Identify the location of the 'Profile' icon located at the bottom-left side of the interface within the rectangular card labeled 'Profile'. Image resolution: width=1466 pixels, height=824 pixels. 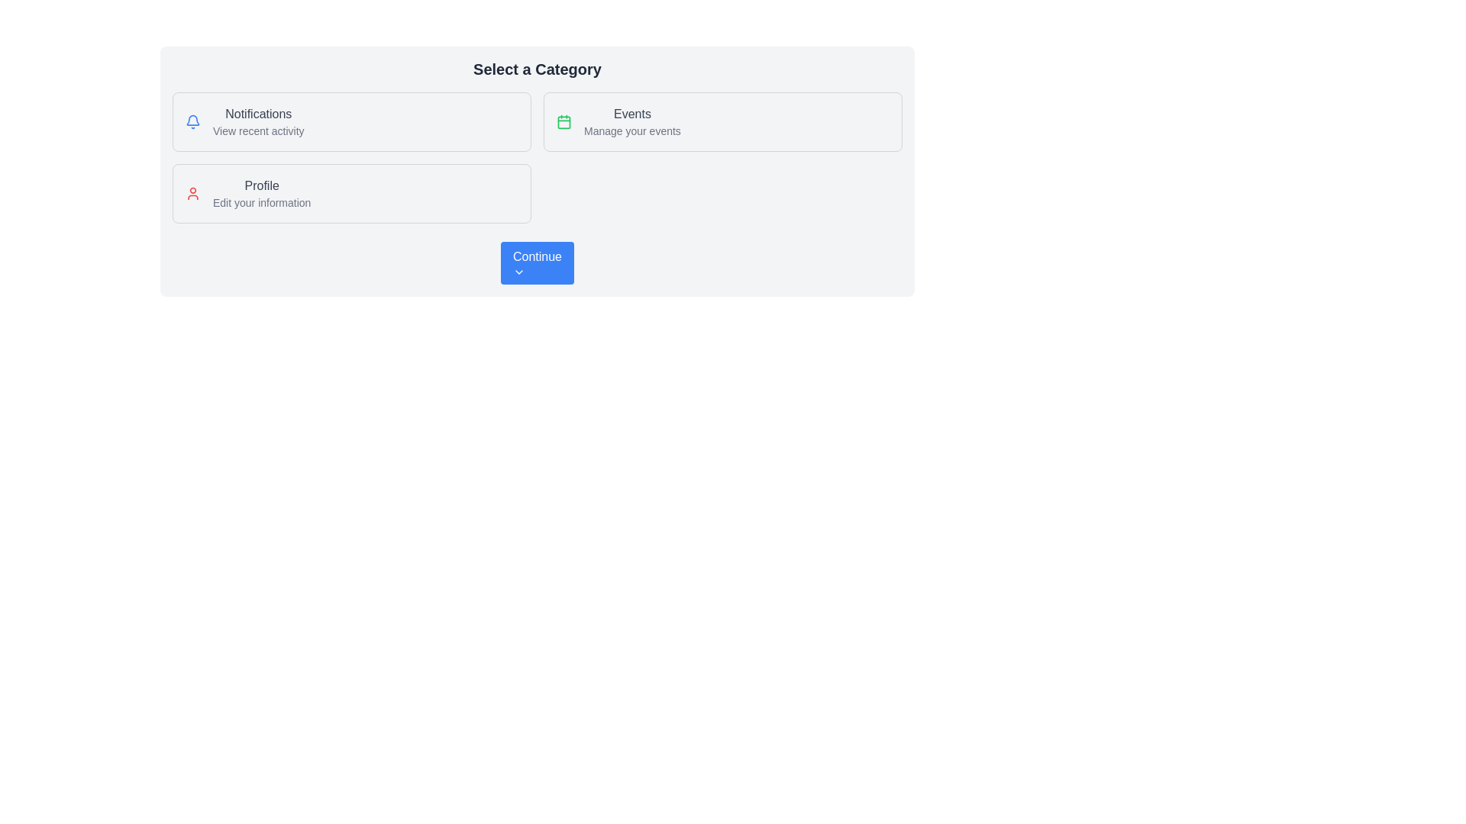
(192, 193).